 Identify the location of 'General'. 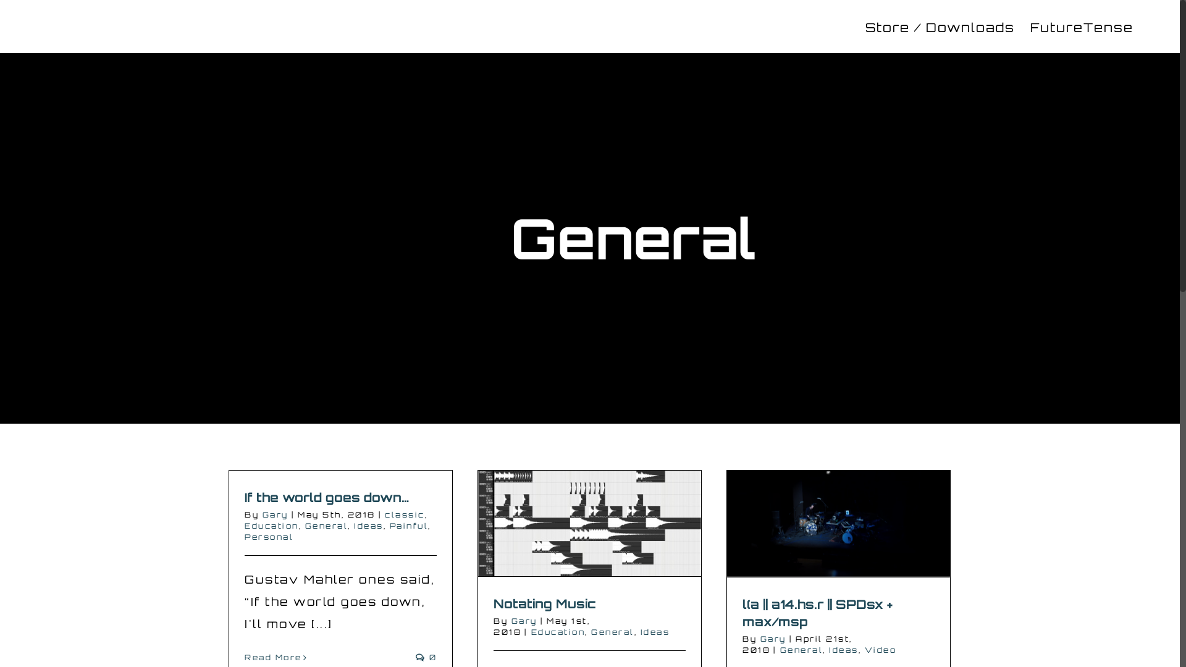
(613, 632).